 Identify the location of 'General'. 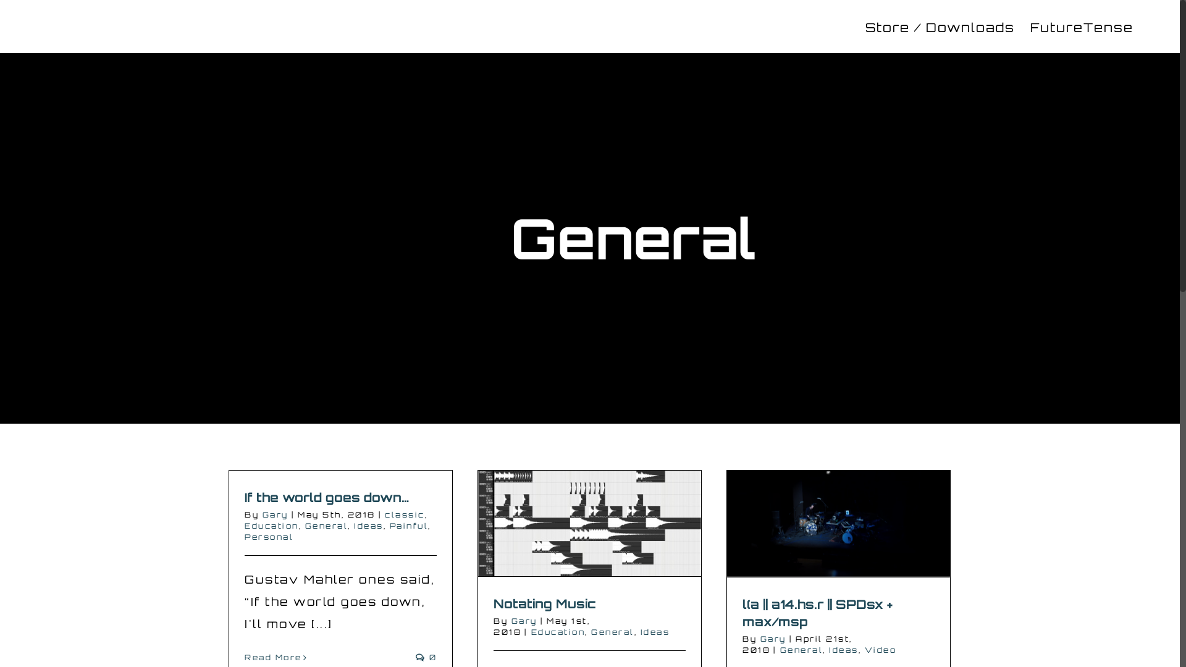
(613, 632).